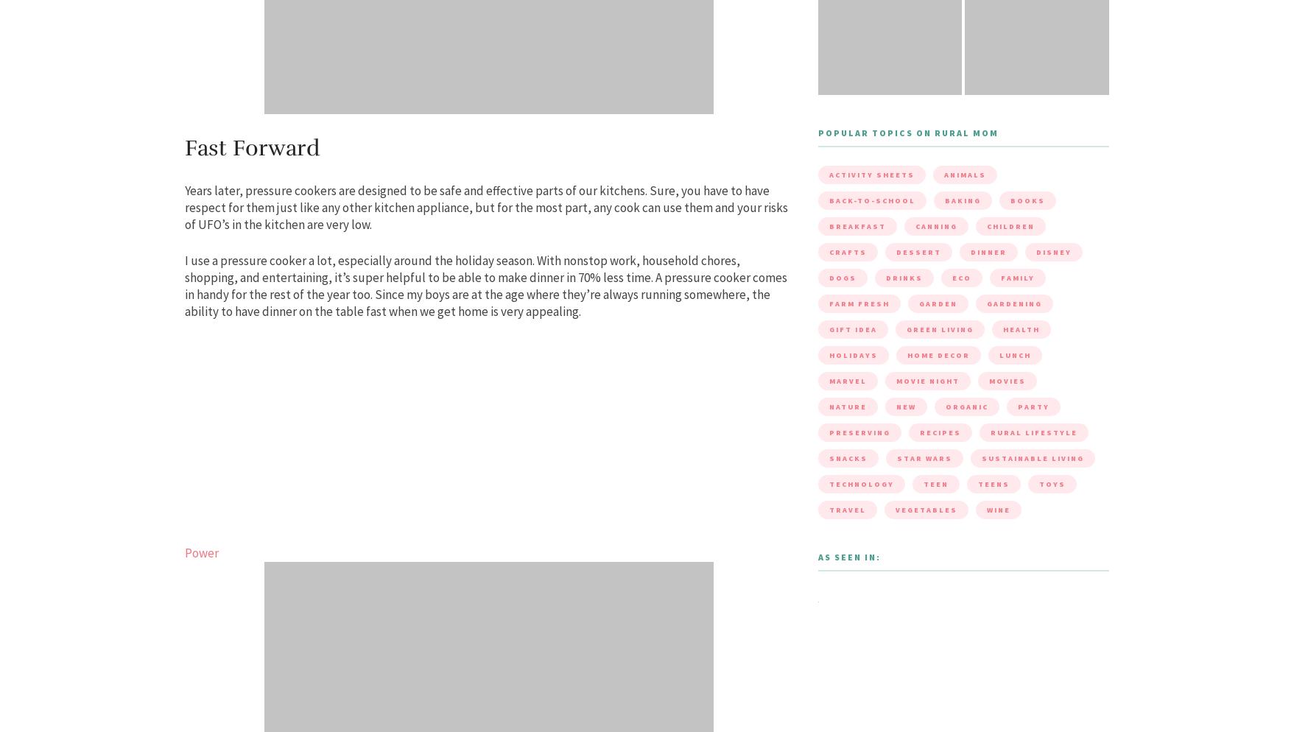 This screenshot has height=732, width=1294. I want to click on 'holidays', so click(852, 354).